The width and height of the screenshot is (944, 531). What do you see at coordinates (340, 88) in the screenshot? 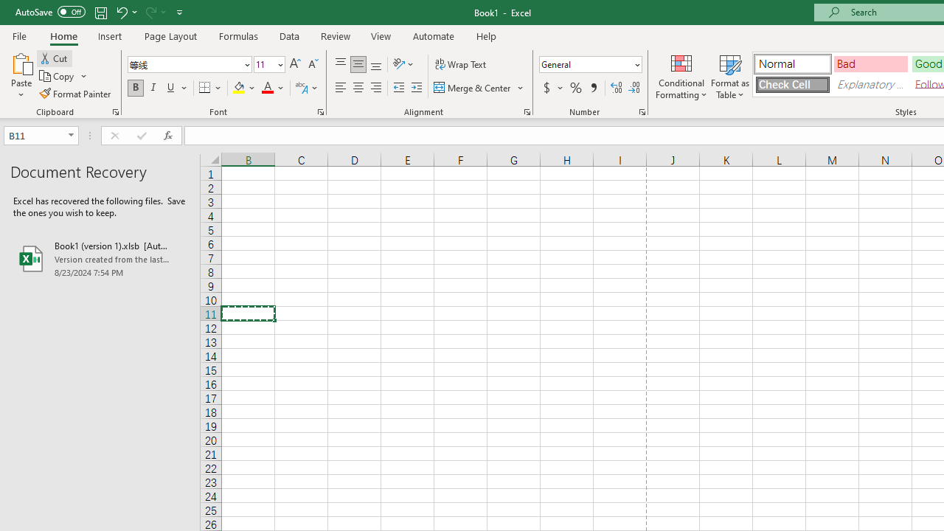
I see `'Align Left'` at bounding box center [340, 88].